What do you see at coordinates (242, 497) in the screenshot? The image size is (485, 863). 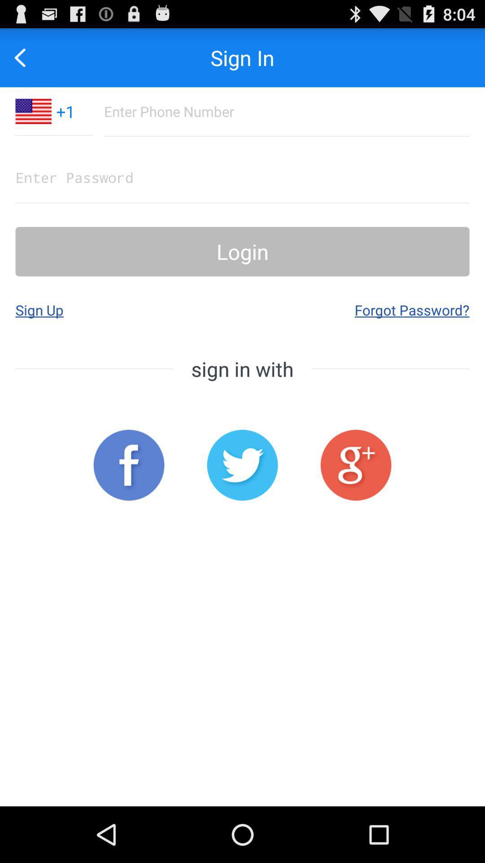 I see `the twitter icon` at bounding box center [242, 497].